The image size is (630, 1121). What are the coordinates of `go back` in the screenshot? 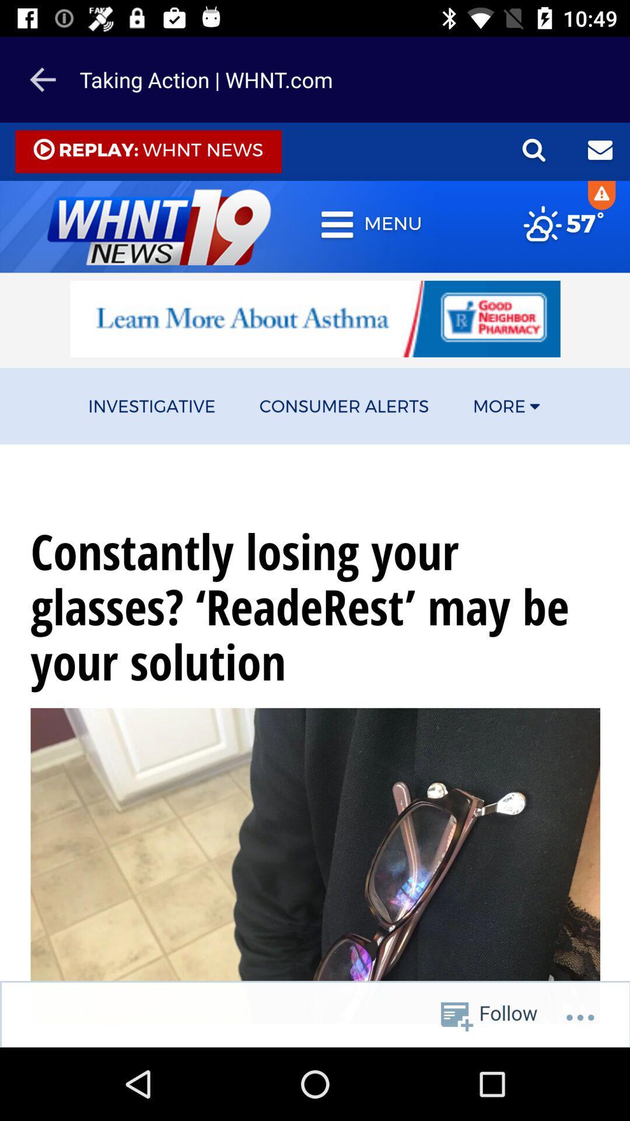 It's located at (42, 79).